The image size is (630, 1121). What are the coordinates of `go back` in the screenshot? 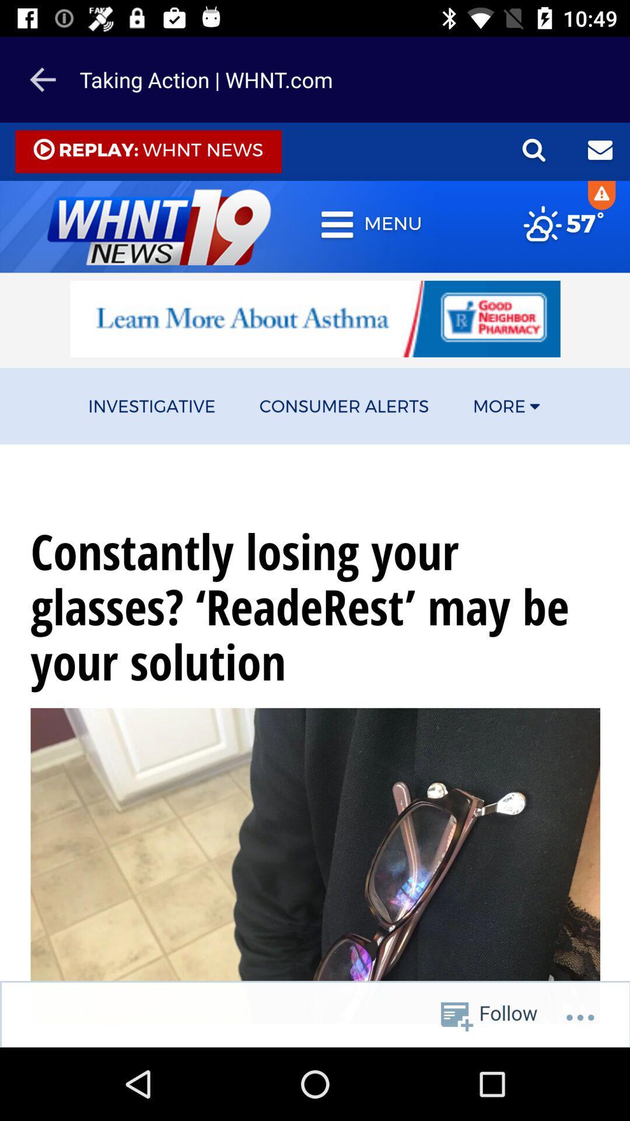 It's located at (42, 79).